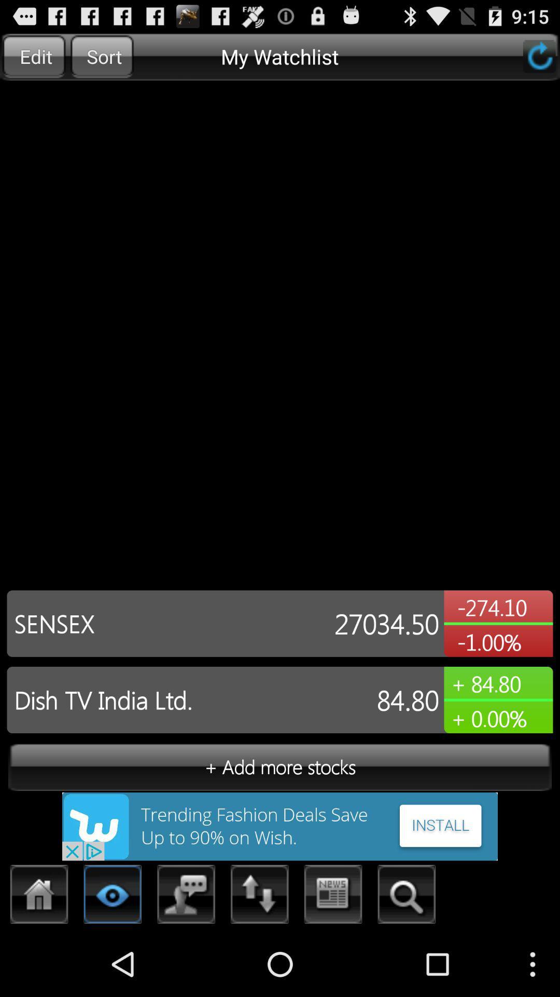  What do you see at coordinates (406, 897) in the screenshot?
I see `search option` at bounding box center [406, 897].